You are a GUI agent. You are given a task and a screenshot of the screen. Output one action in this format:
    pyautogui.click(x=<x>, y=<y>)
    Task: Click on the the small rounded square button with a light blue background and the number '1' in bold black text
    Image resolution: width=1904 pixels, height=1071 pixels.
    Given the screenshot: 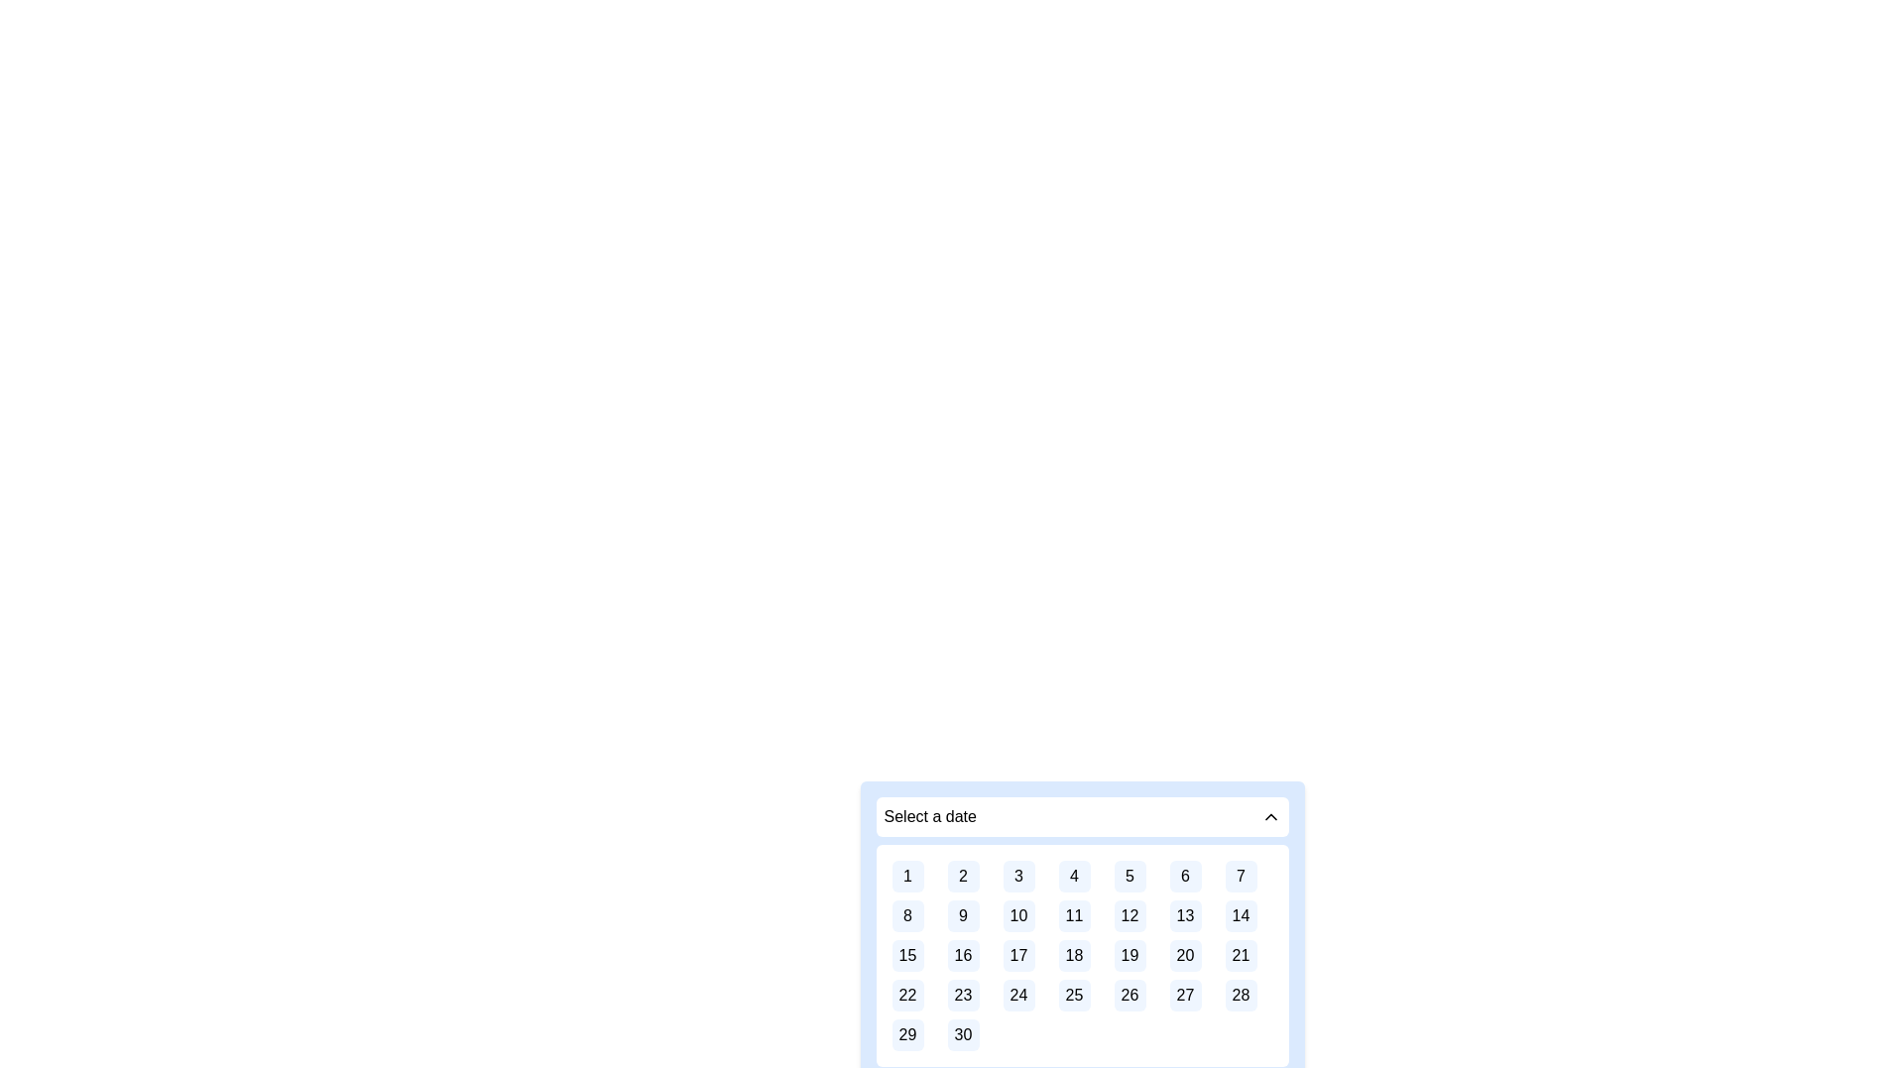 What is the action you would take?
    pyautogui.click(x=906, y=875)
    